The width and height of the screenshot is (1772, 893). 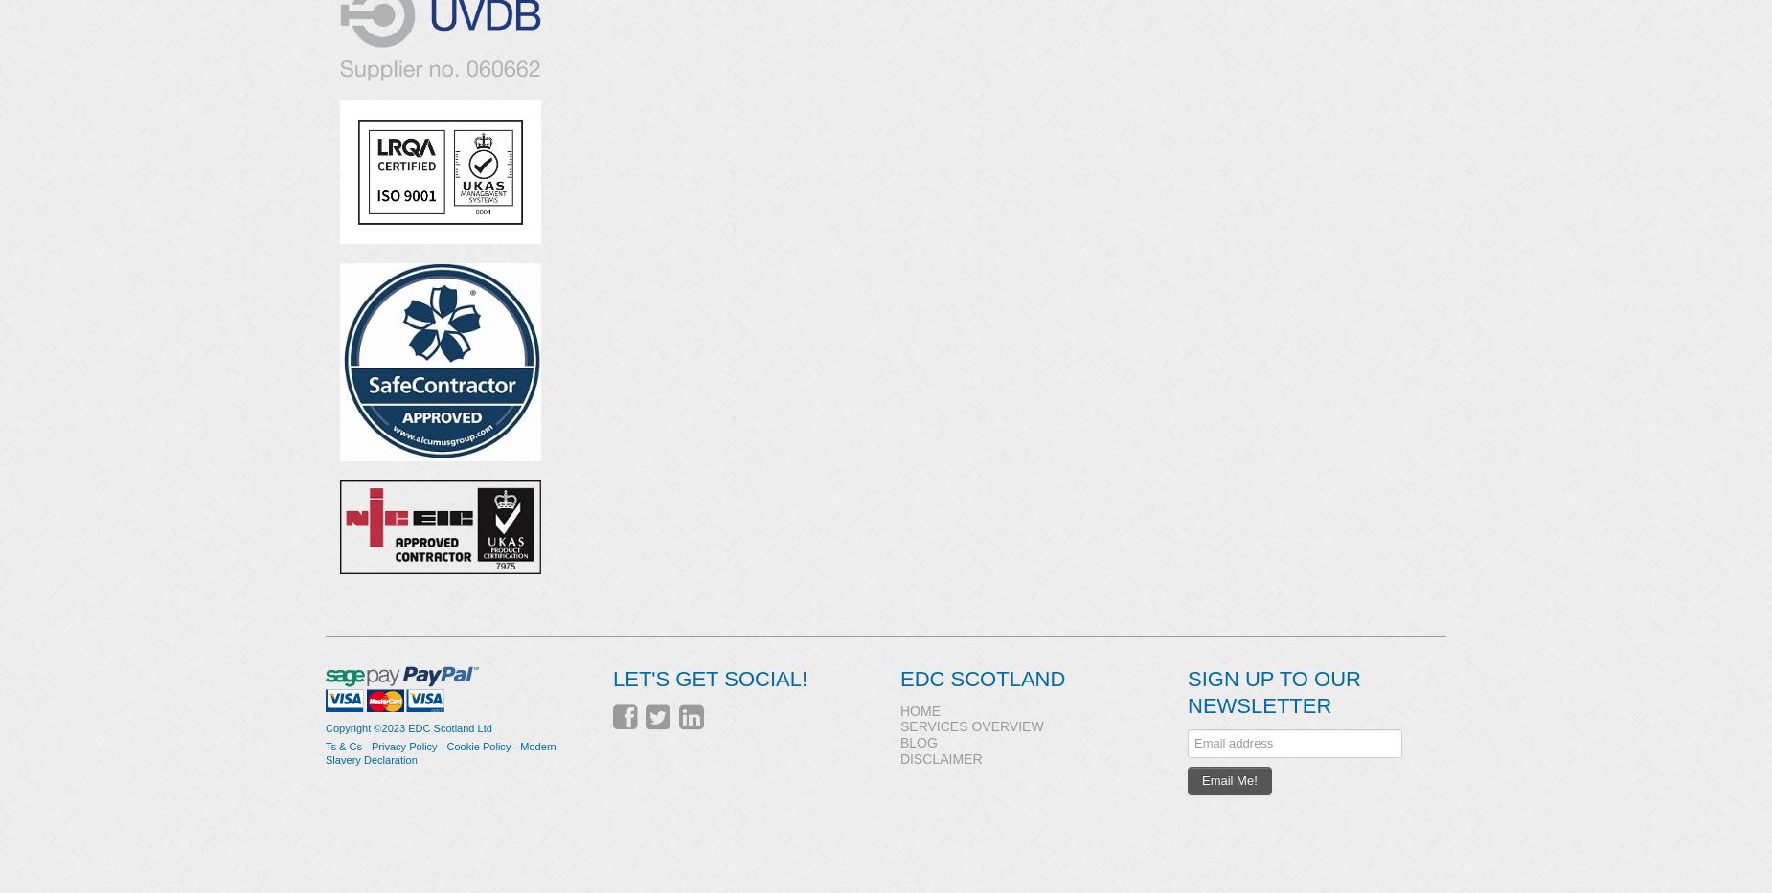 I want to click on 'Home', so click(x=920, y=709).